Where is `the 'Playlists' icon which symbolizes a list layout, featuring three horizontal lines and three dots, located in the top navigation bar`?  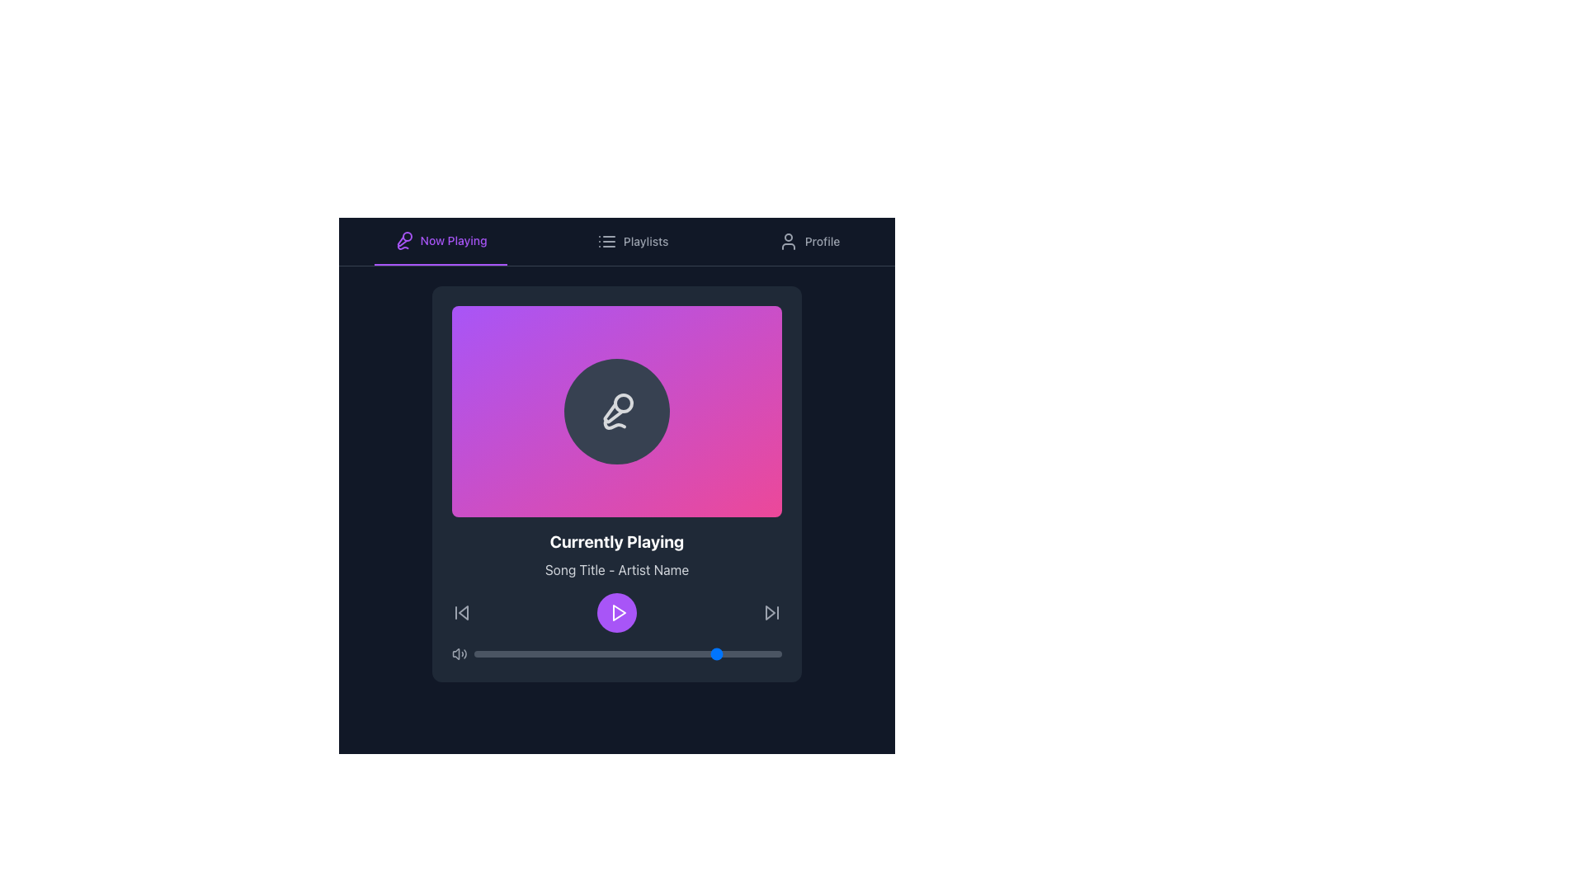
the 'Playlists' icon which symbolizes a list layout, featuring three horizontal lines and three dots, located in the top navigation bar is located at coordinates (605, 242).